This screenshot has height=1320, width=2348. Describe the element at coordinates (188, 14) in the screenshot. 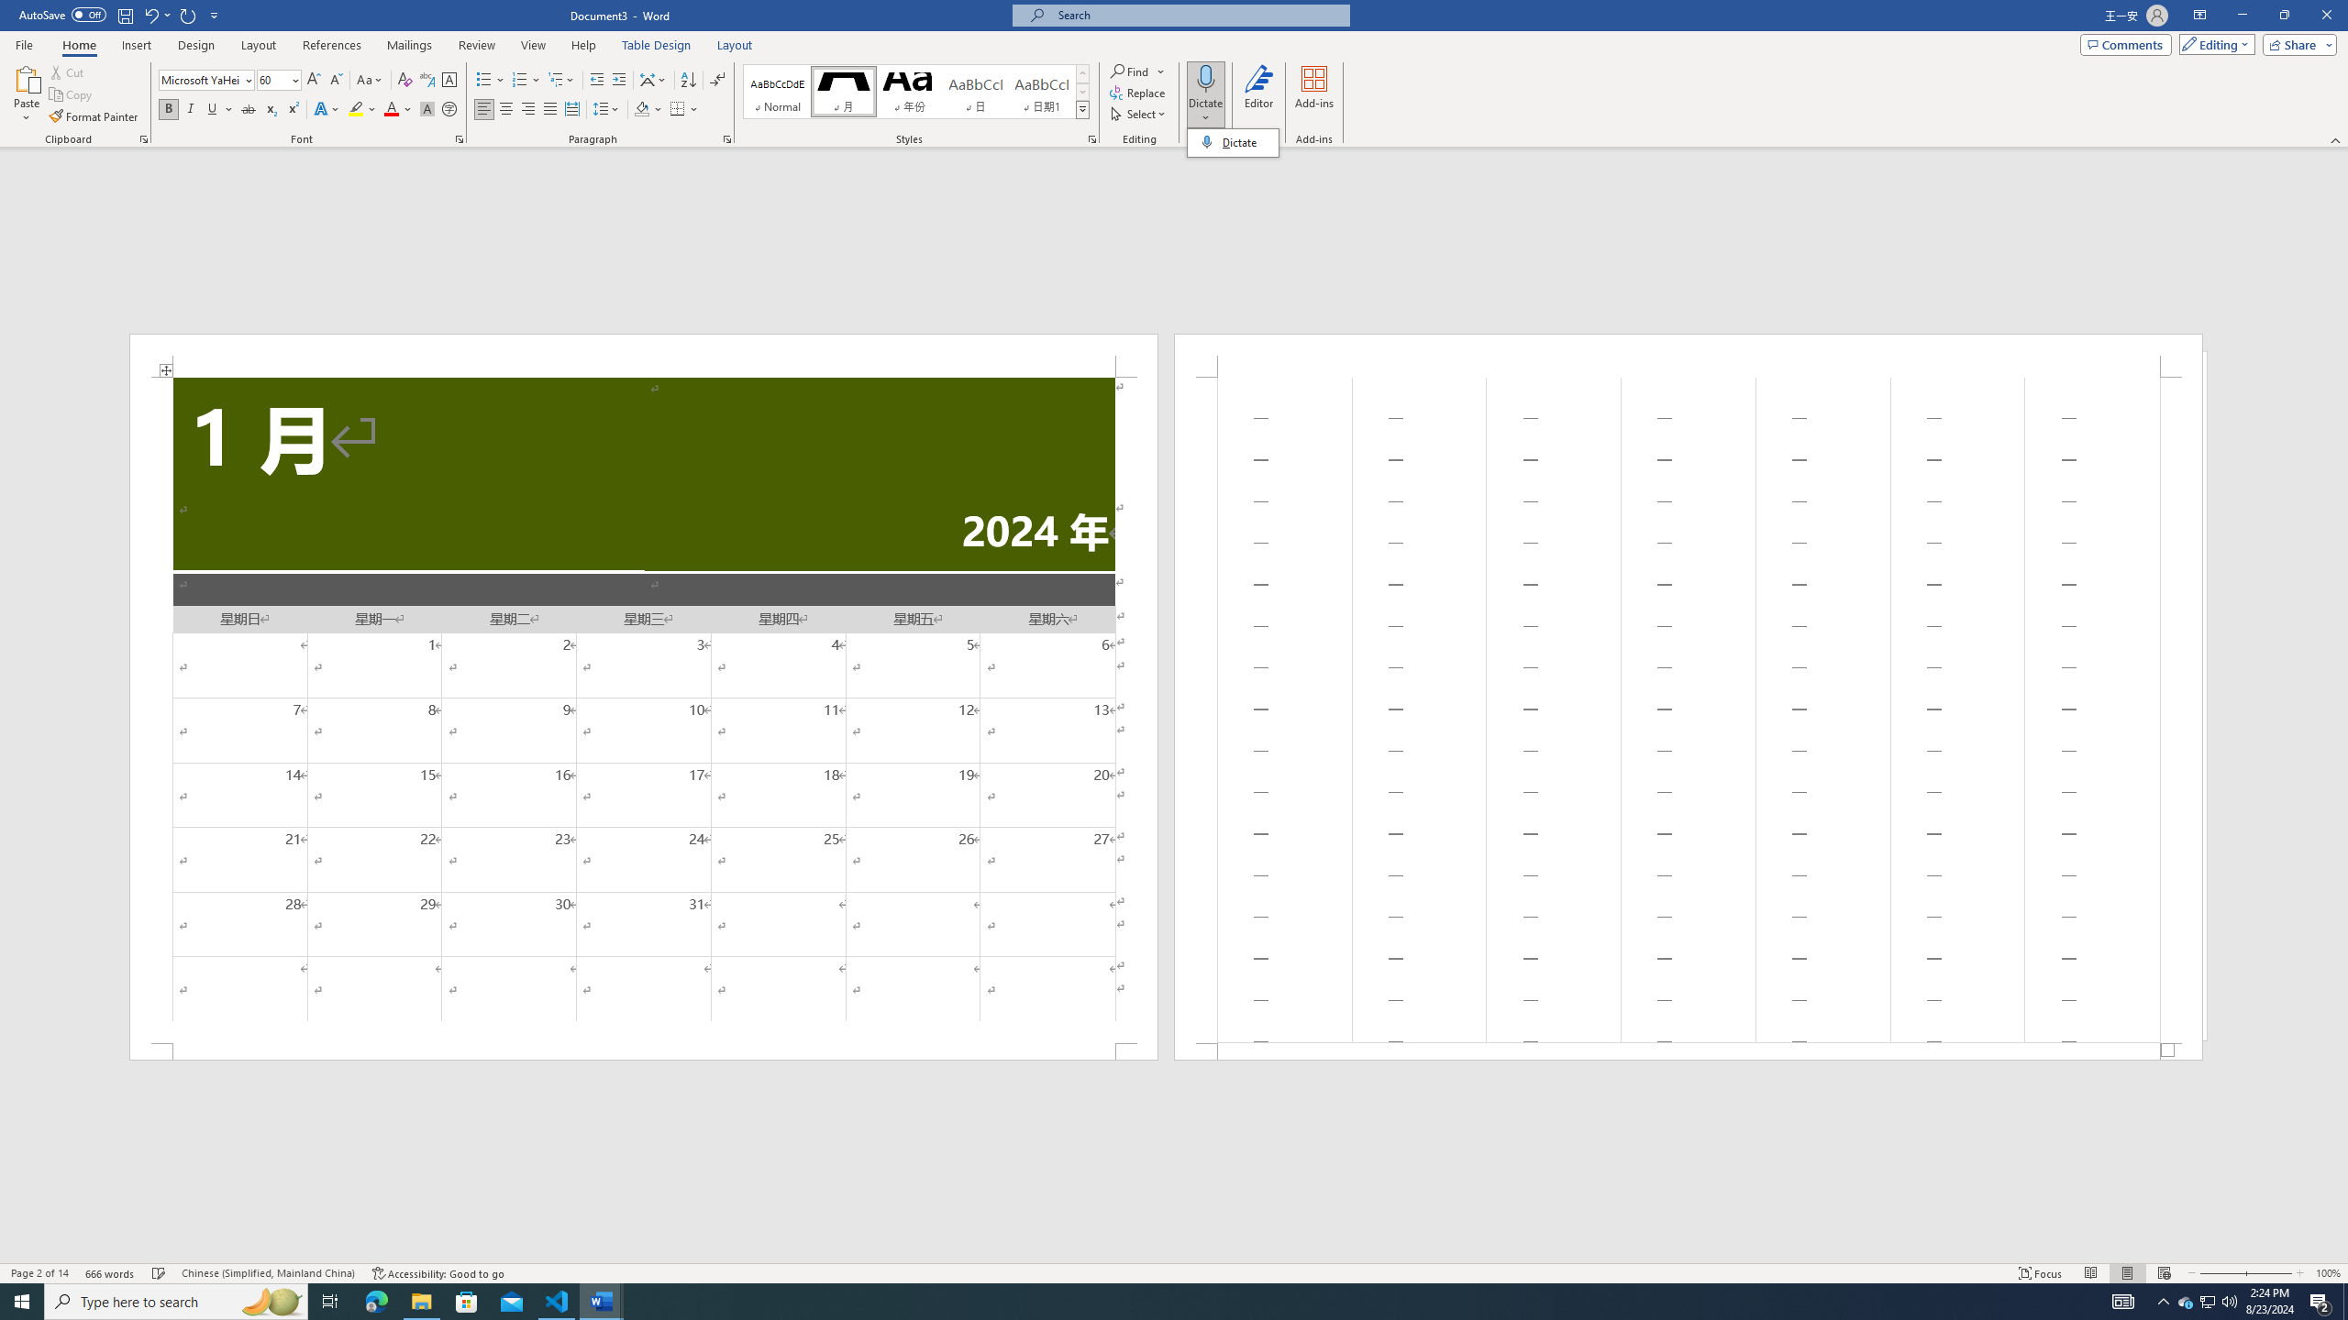

I see `'Repeat Doc Close'` at that location.